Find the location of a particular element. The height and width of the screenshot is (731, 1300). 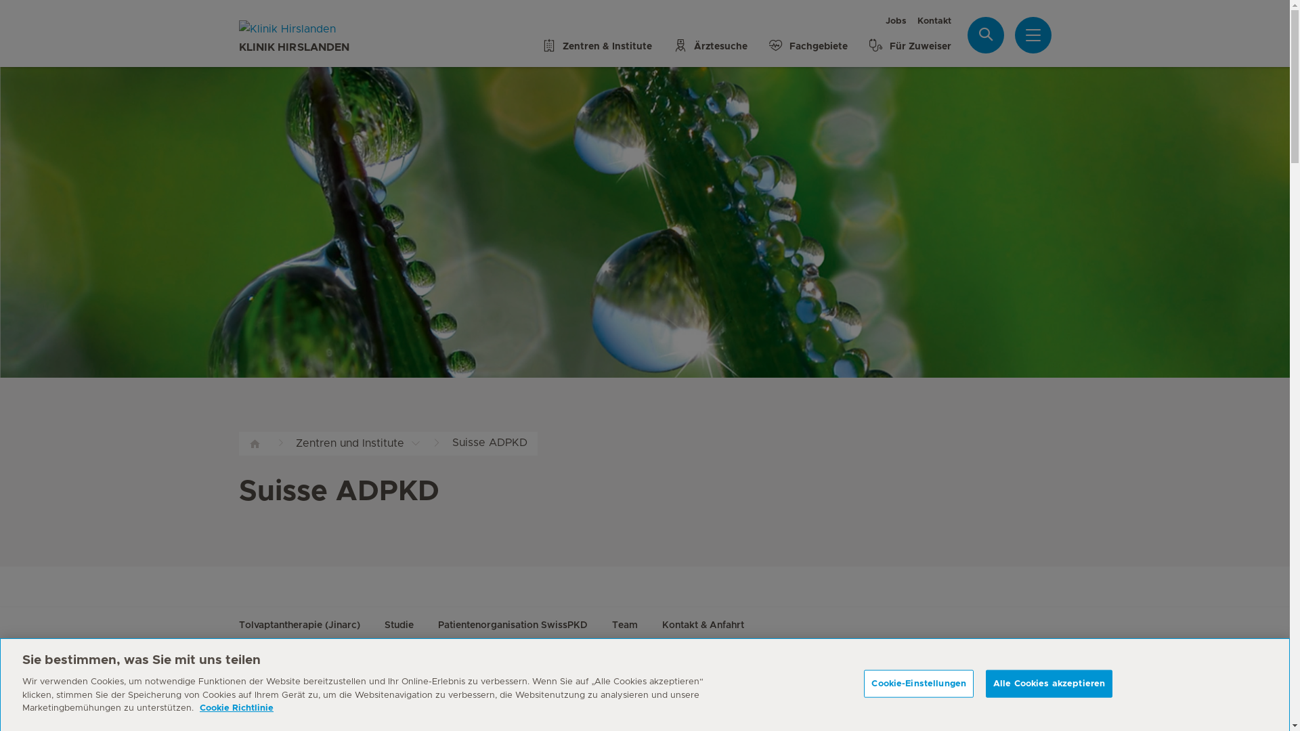

'Tolvaptantherapie (Jinarc)' is located at coordinates (298, 626).